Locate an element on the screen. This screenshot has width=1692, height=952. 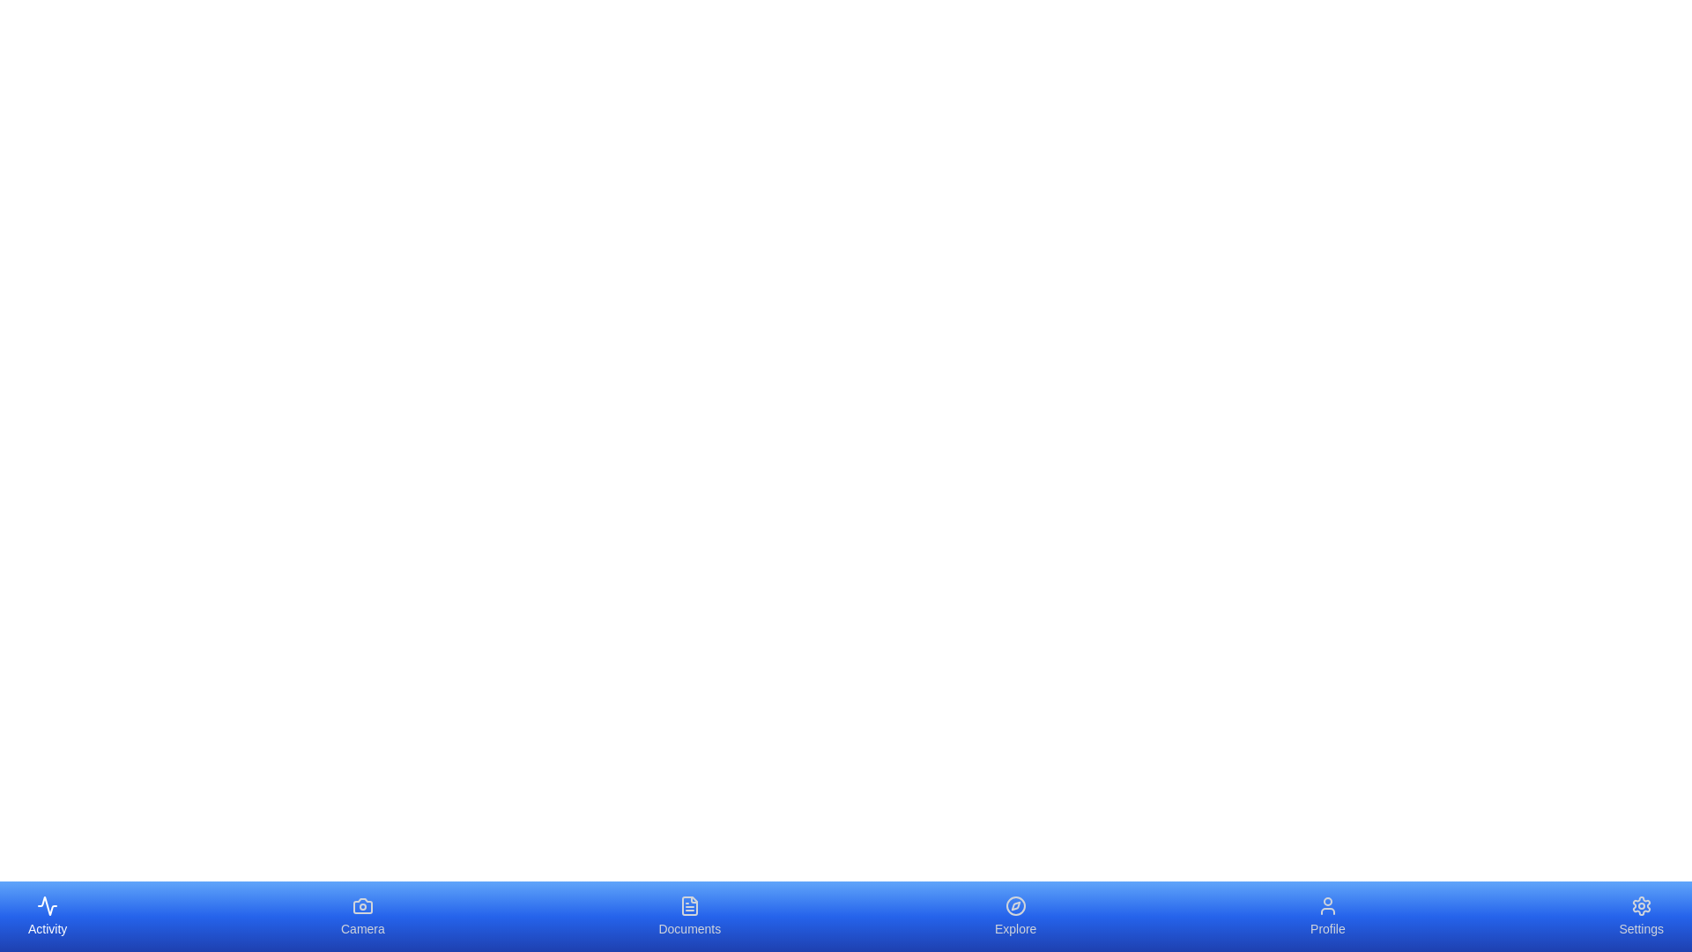
the tab labeled Documents is located at coordinates (688, 916).